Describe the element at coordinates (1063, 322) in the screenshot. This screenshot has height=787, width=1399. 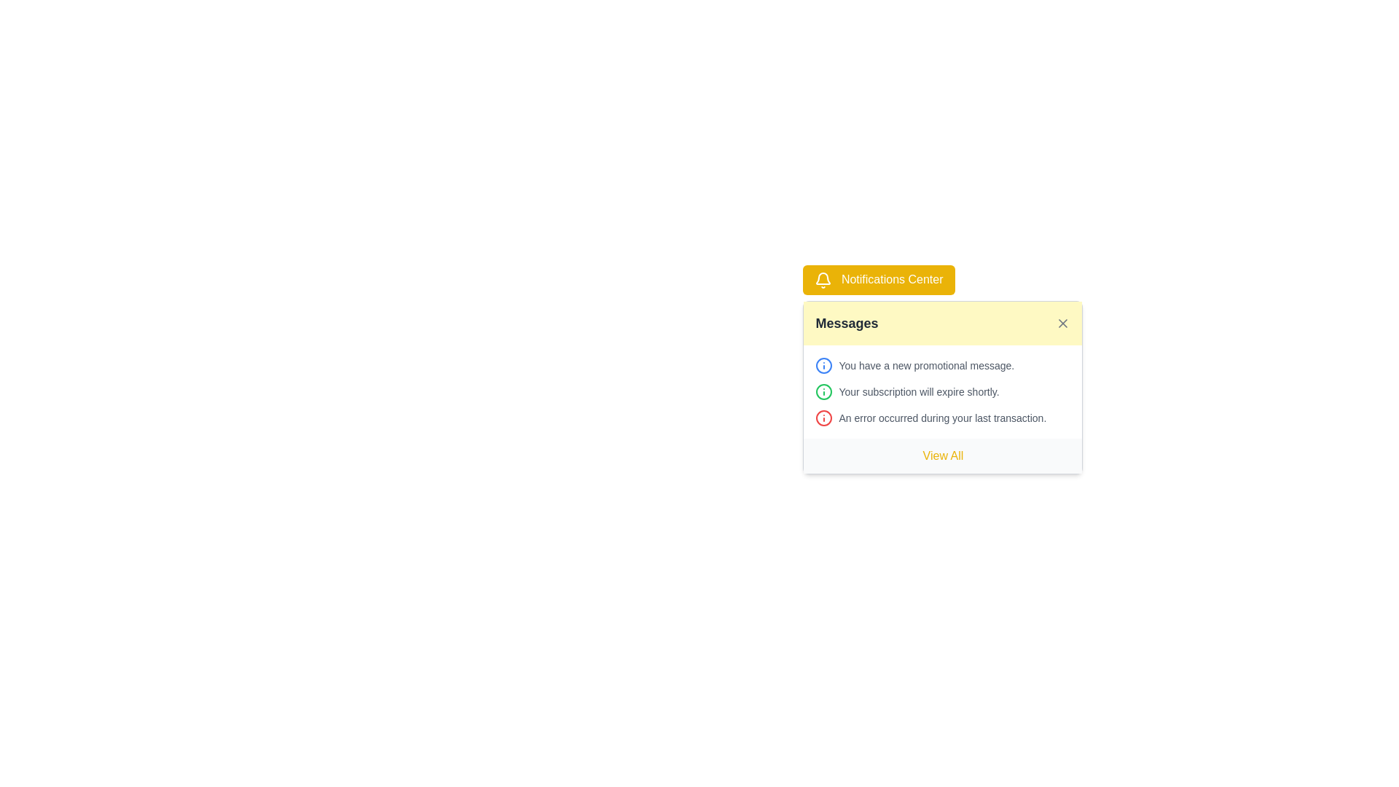
I see `the close or dismiss icon (×) located in the top-right corner of the Messages panel` at that location.